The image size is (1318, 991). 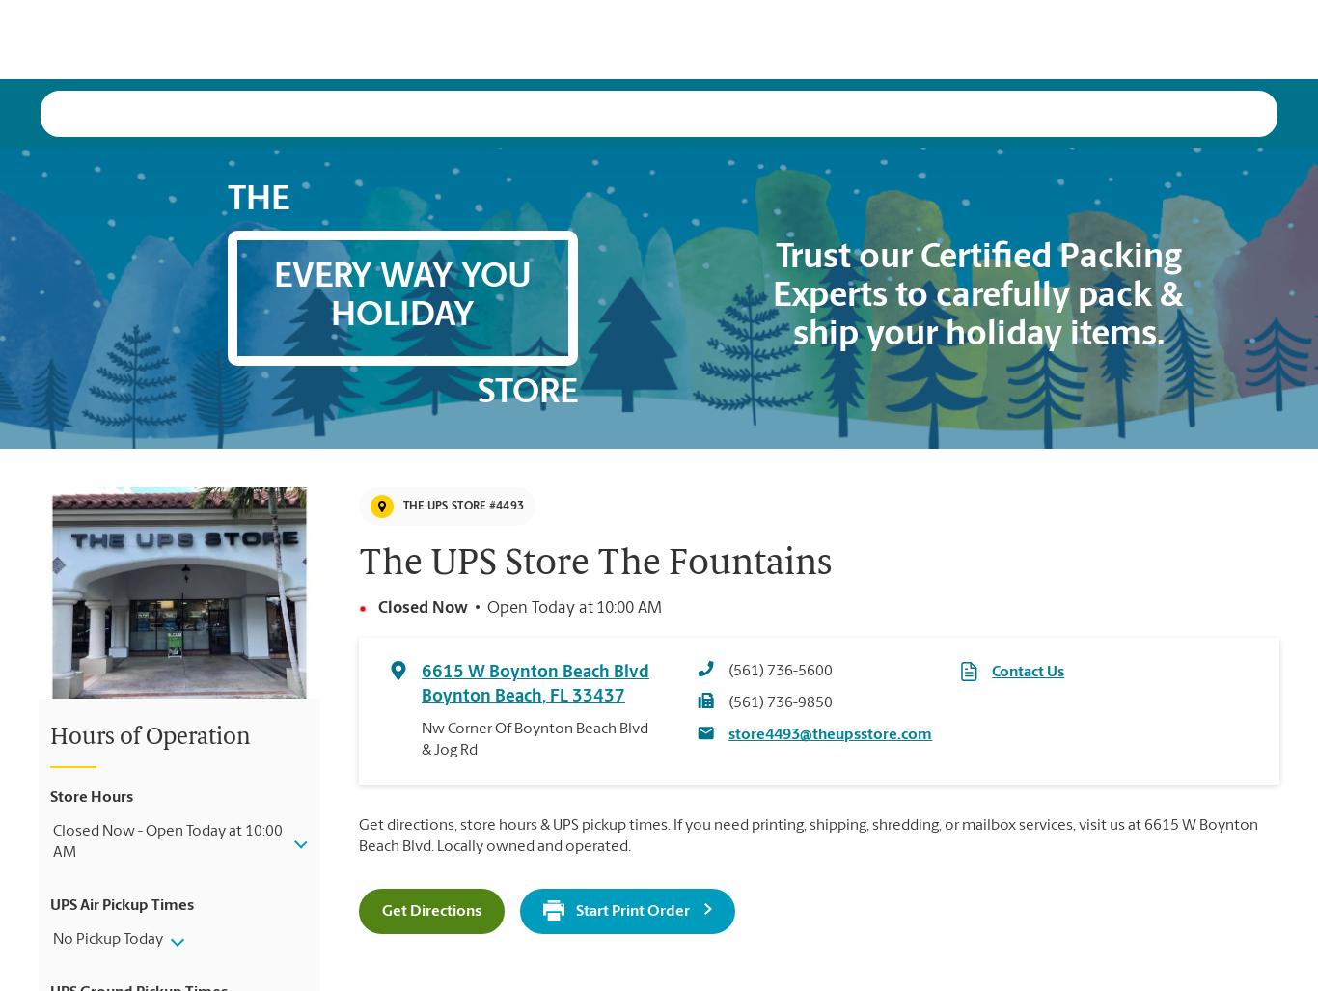 What do you see at coordinates (662, 38) in the screenshot?
I see `'Mailboxes'` at bounding box center [662, 38].